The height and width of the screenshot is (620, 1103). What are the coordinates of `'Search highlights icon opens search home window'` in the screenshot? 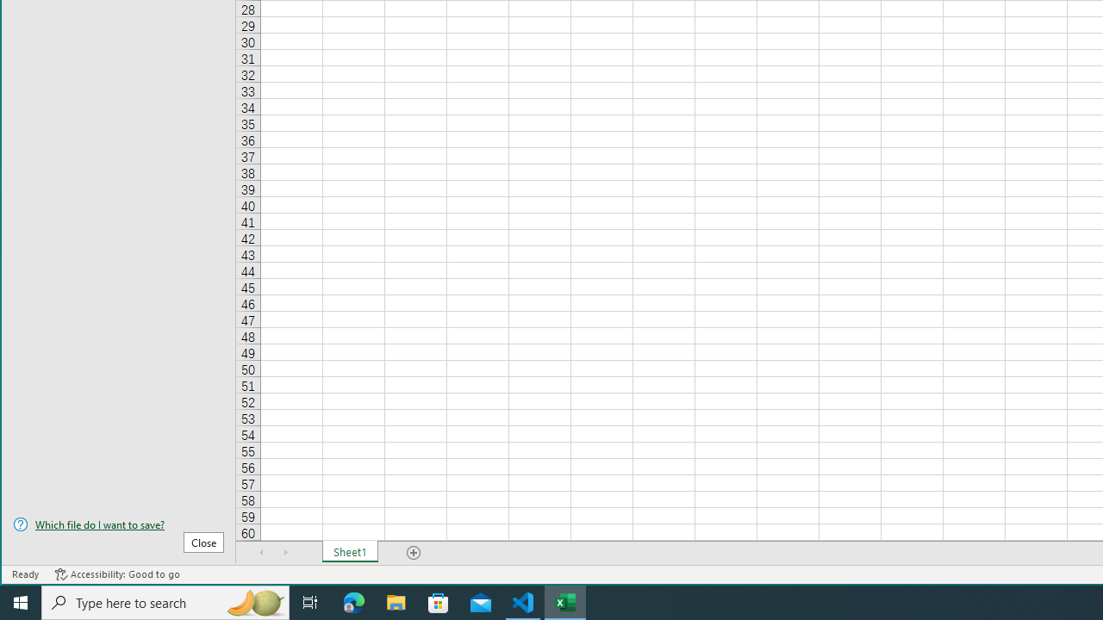 It's located at (253, 601).